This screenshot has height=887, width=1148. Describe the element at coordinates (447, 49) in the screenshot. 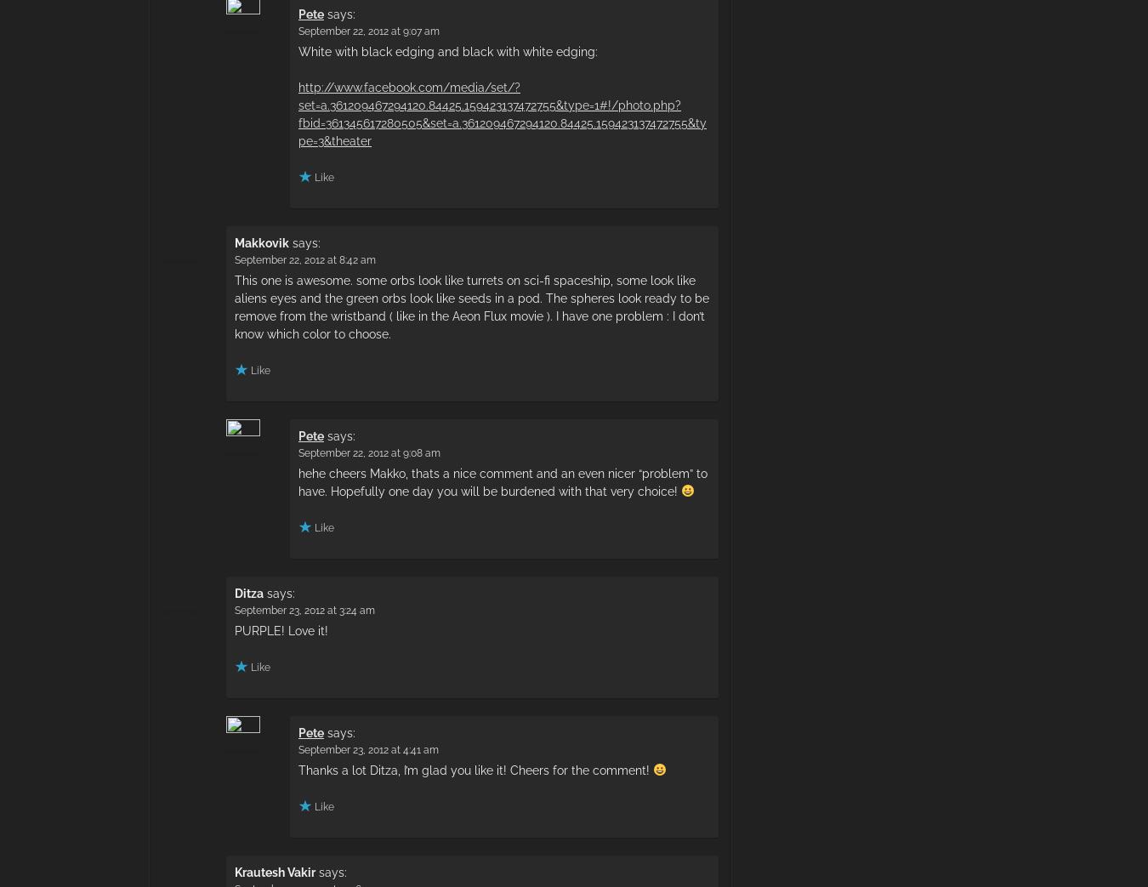

I see `'White with black edging and black with white edging:'` at that location.